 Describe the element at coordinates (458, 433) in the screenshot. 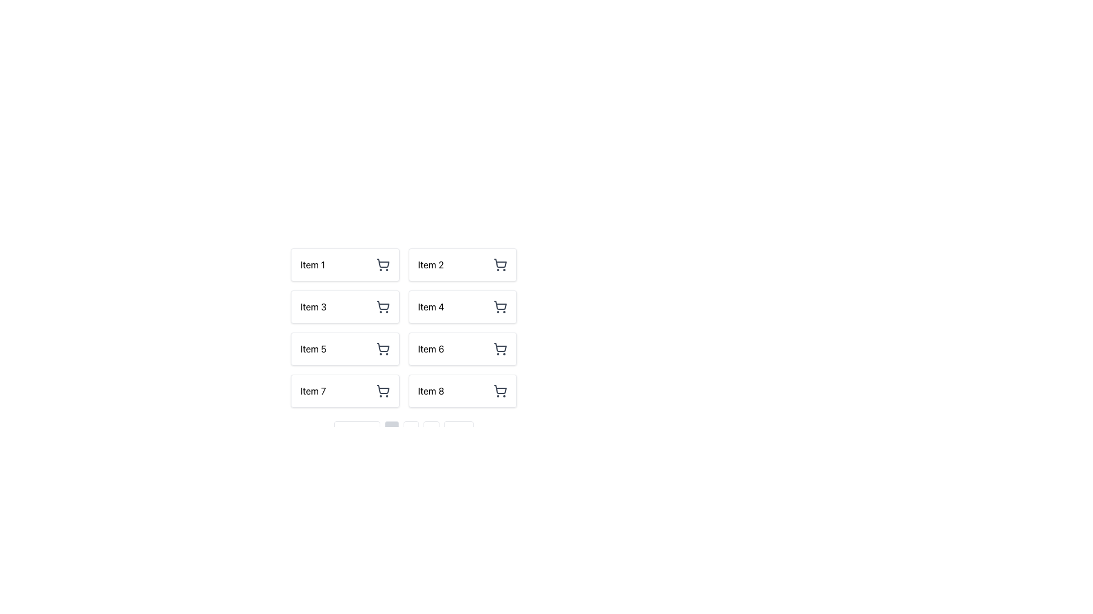

I see `the 'Next' button located at the bottom of the page` at that location.